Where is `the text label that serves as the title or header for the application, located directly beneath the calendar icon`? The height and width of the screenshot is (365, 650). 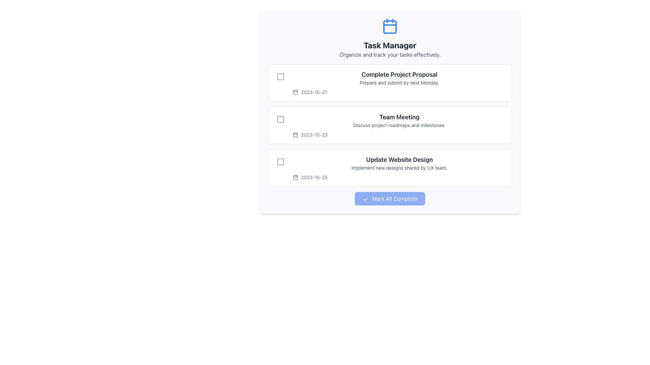
the text label that serves as the title or header for the application, located directly beneath the calendar icon is located at coordinates (390, 45).